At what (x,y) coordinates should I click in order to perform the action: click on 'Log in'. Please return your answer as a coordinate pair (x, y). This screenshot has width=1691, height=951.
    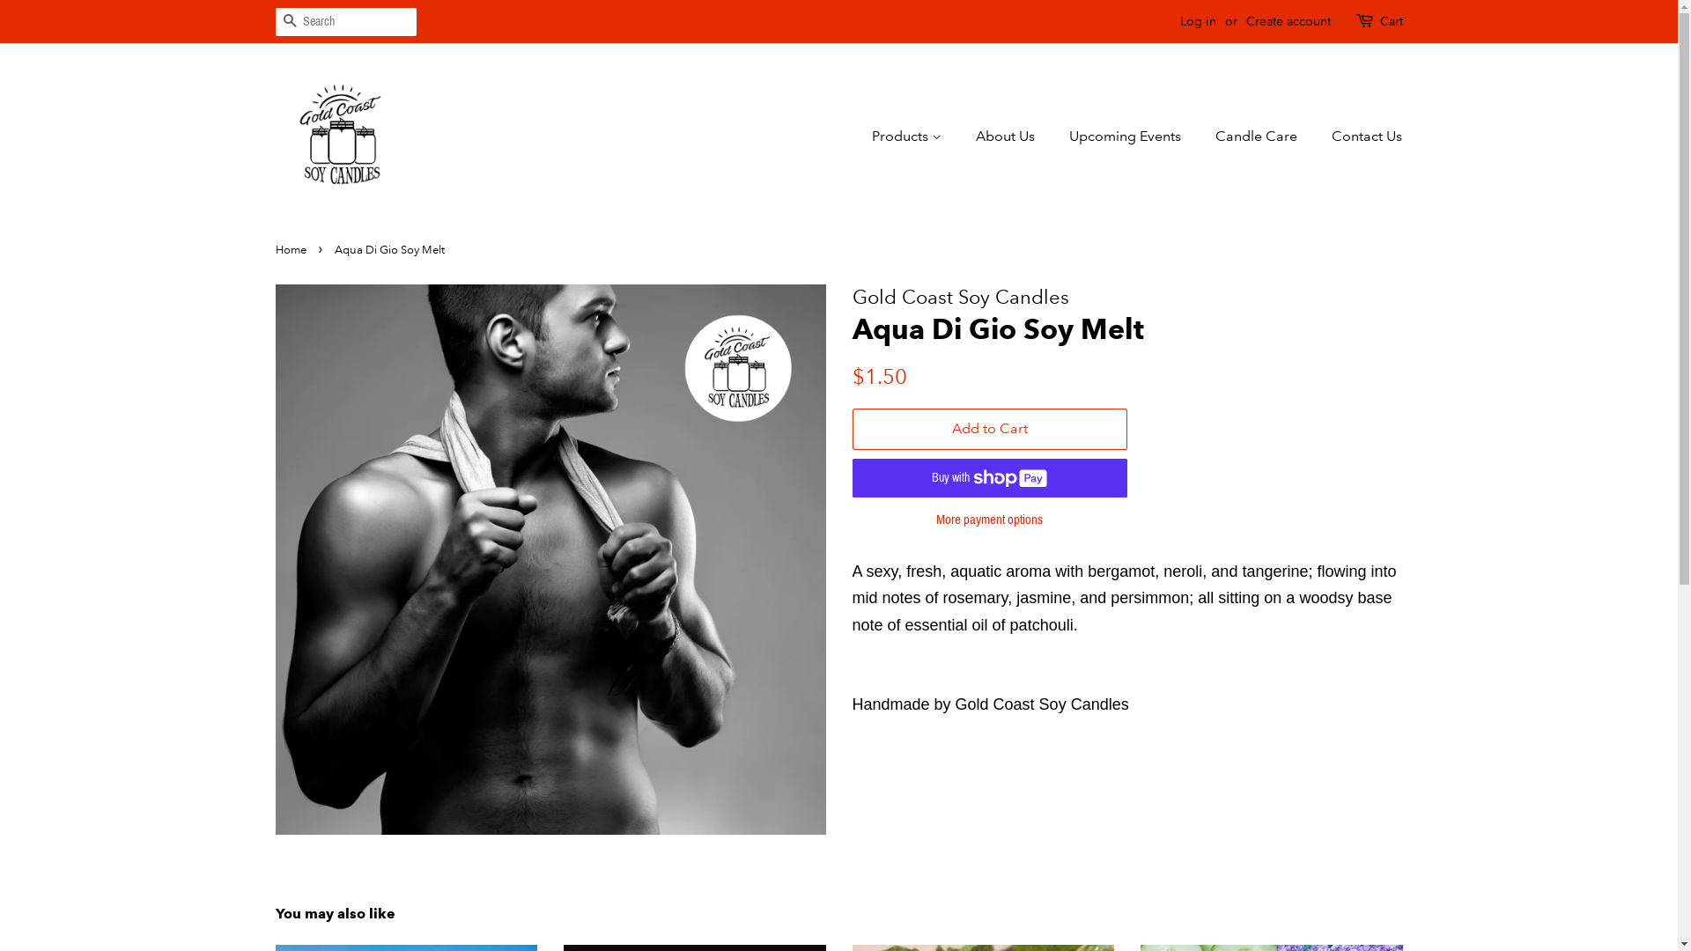
    Looking at the image, I should click on (1198, 20).